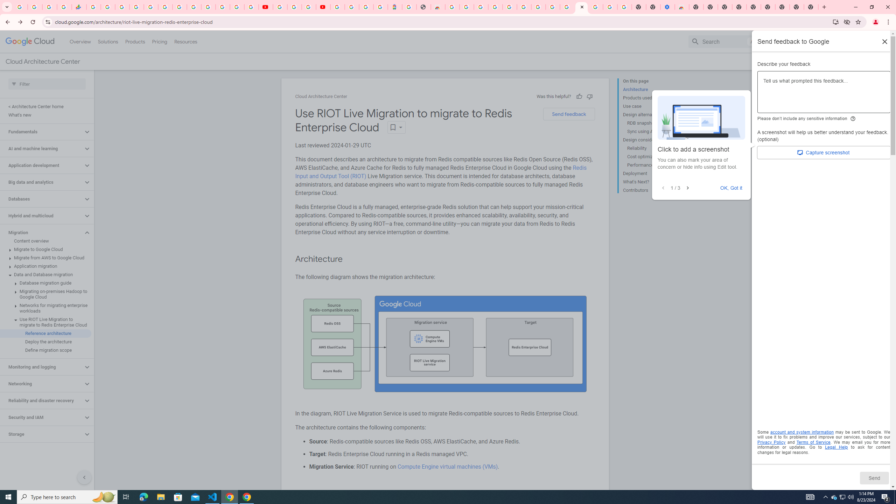 The height and width of the screenshot is (504, 896). What do you see at coordinates (447, 466) in the screenshot?
I see `'Compute Engine virtual machines (VMs)'` at bounding box center [447, 466].